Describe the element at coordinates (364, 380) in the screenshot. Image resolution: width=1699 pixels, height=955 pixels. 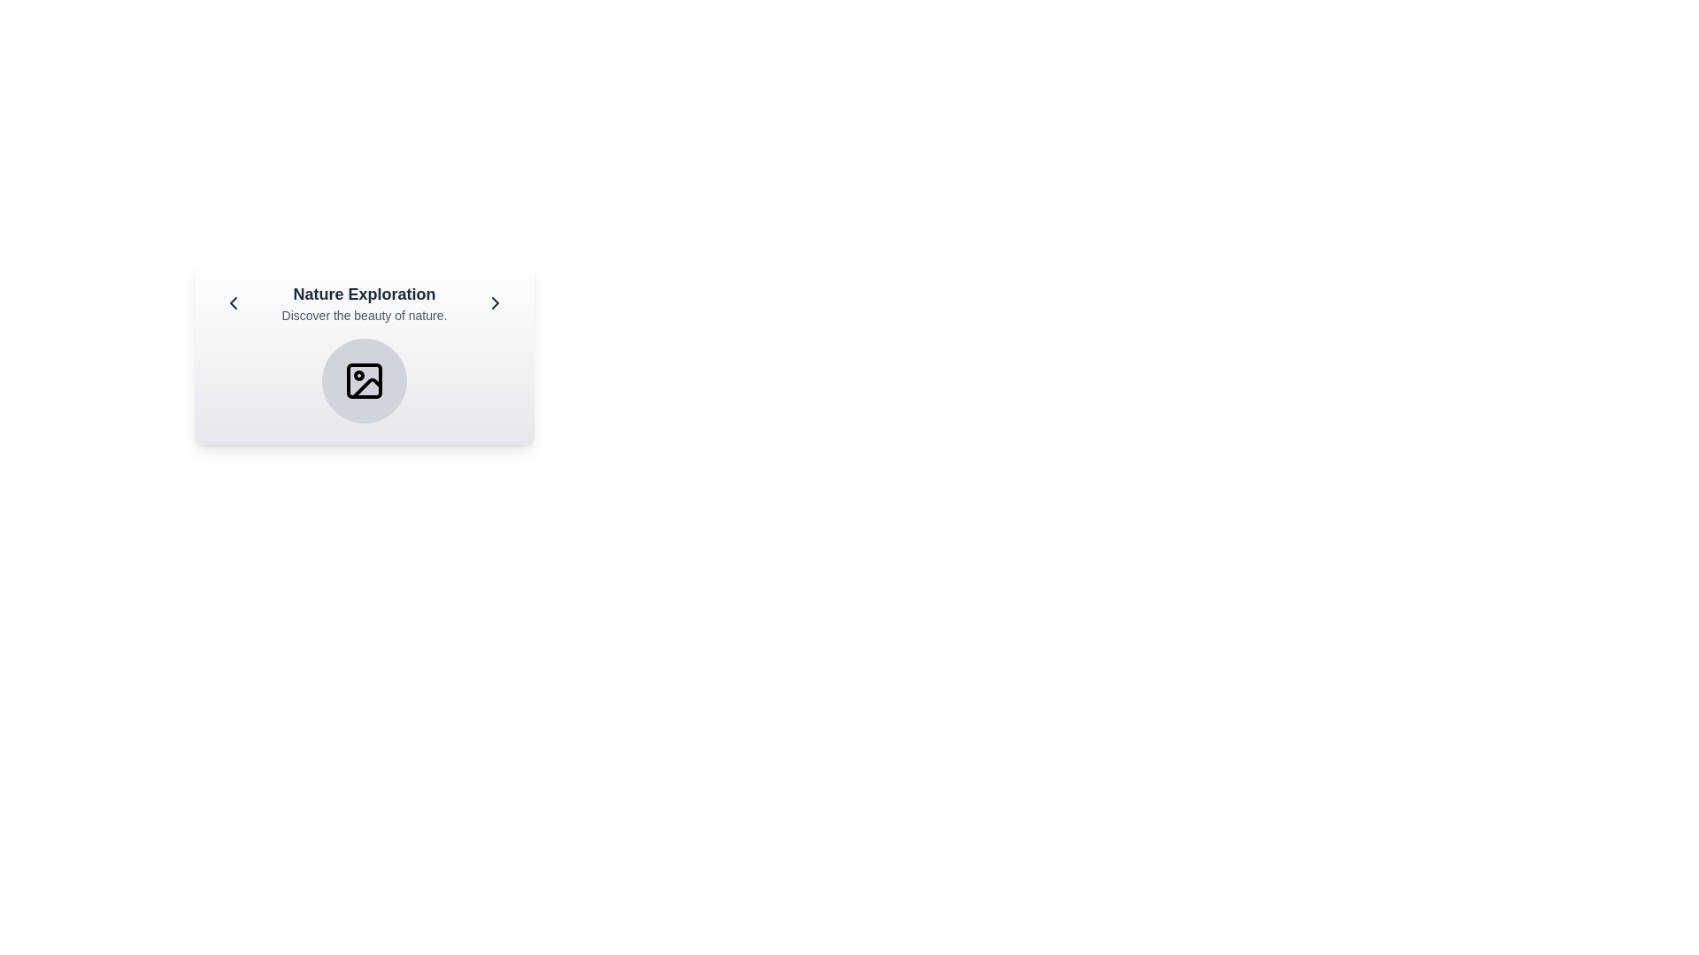
I see `the graphical icon` at that location.